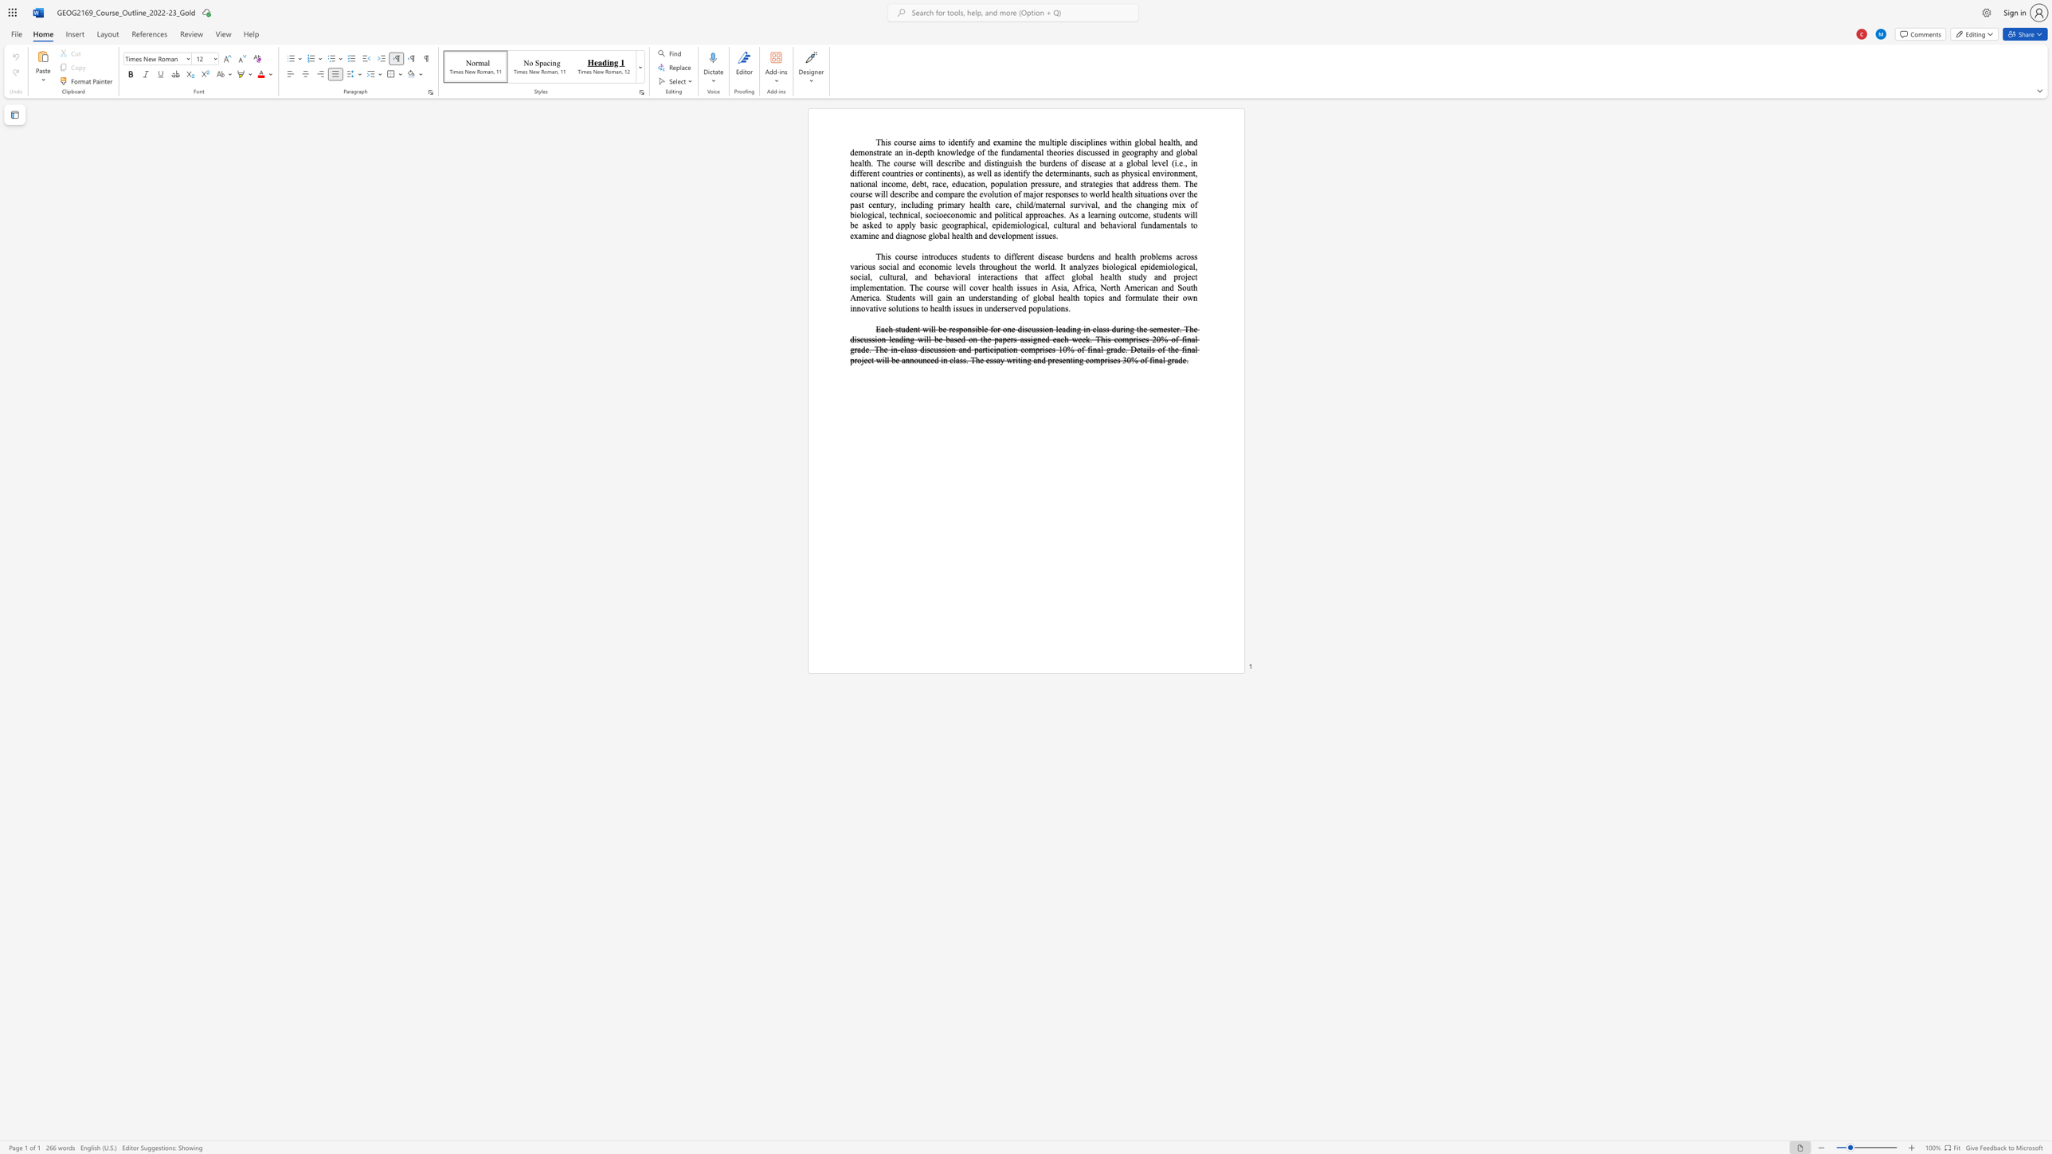 The height and width of the screenshot is (1154, 2052). What do you see at coordinates (1027, 215) in the screenshot?
I see `the 1th character "a" in the text` at bounding box center [1027, 215].